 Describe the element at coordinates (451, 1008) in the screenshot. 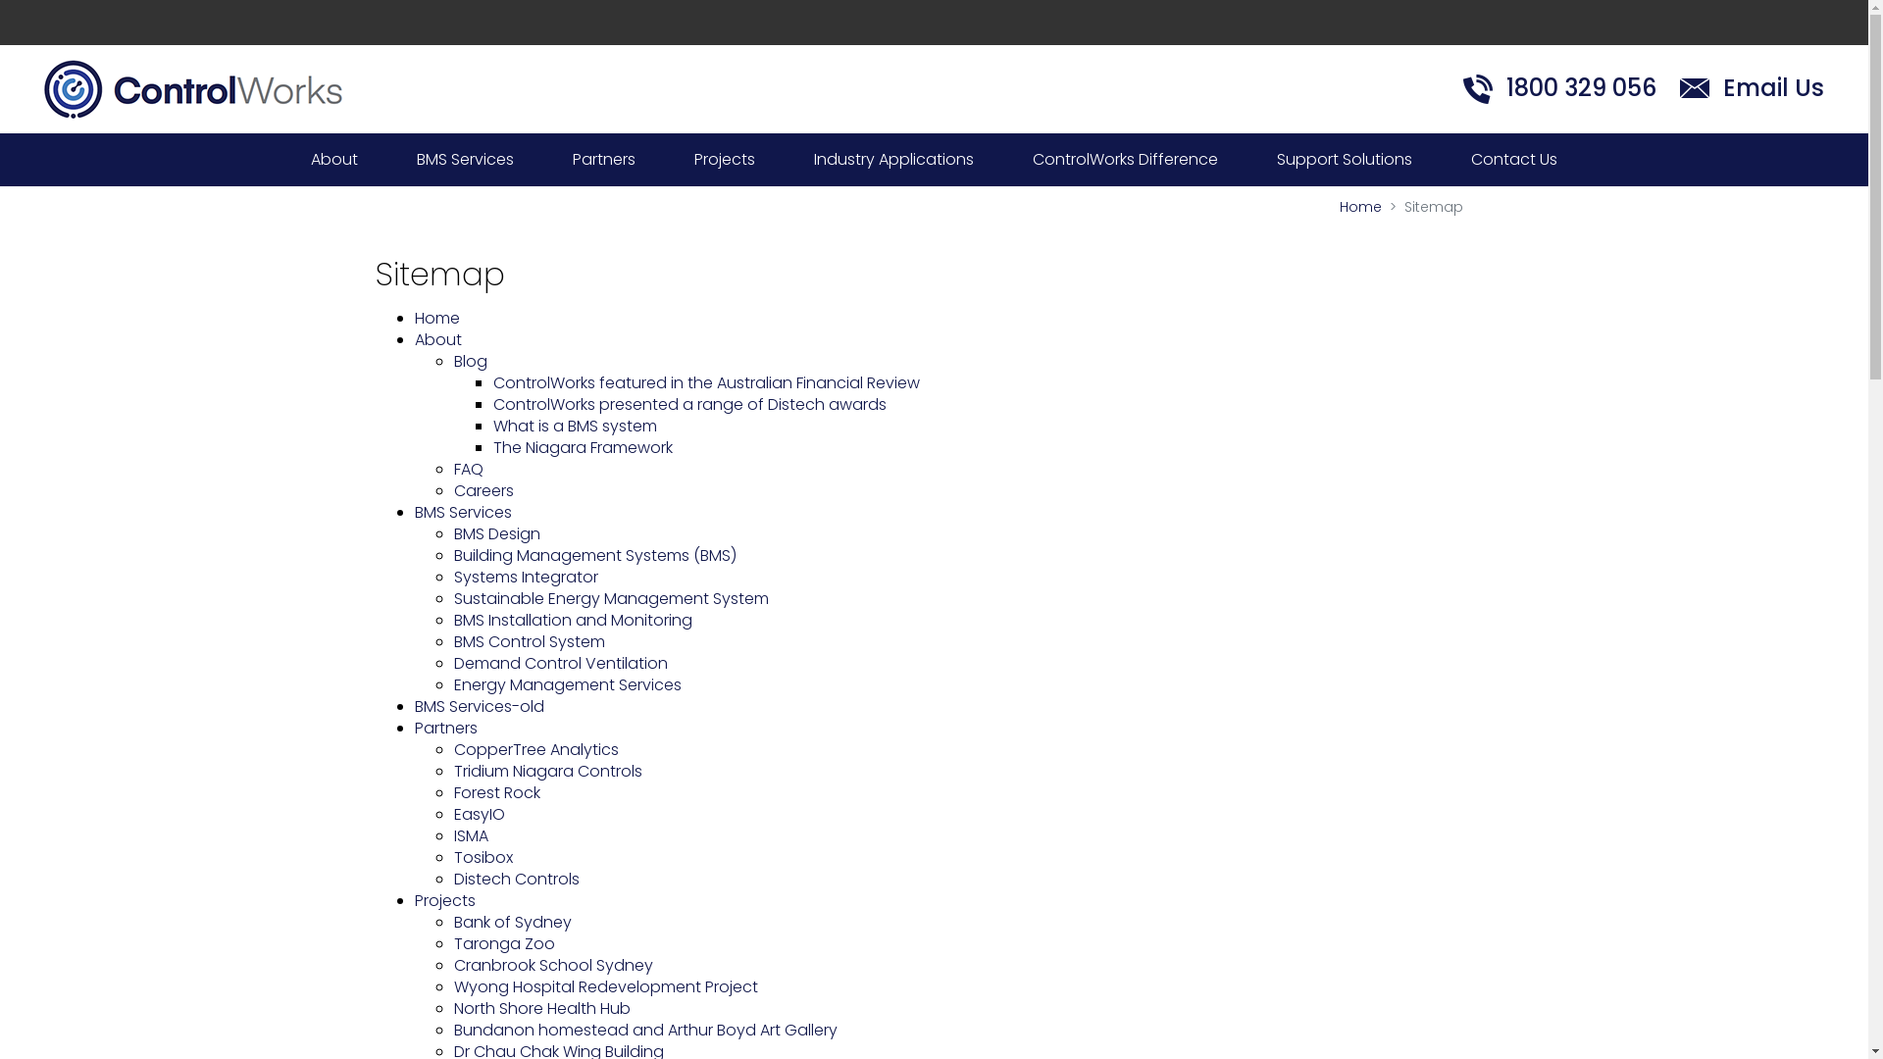

I see `'North Shore Health Hub'` at that location.